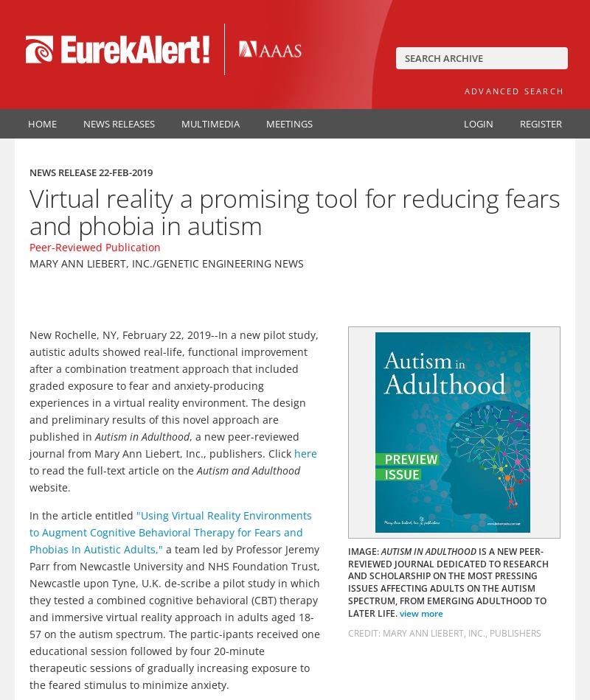  I want to click on 'Autism and Adulthood', so click(195, 469).